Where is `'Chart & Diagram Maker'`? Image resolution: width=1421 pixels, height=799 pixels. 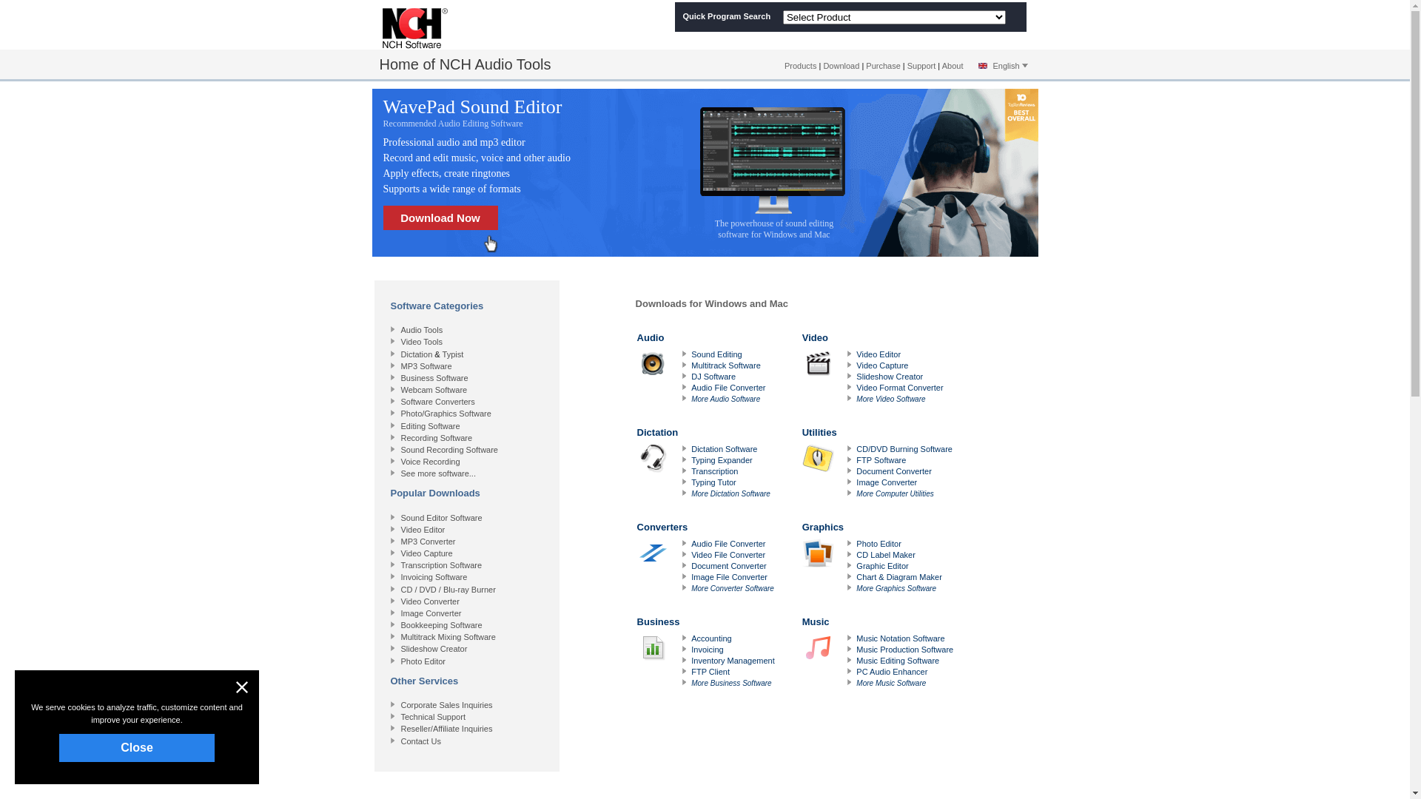 'Chart & Diagram Maker' is located at coordinates (898, 576).